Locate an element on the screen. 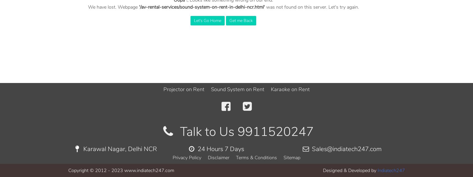 The image size is (473, 177). 'Karawal Nagar, Delhi NCR' is located at coordinates (119, 148).